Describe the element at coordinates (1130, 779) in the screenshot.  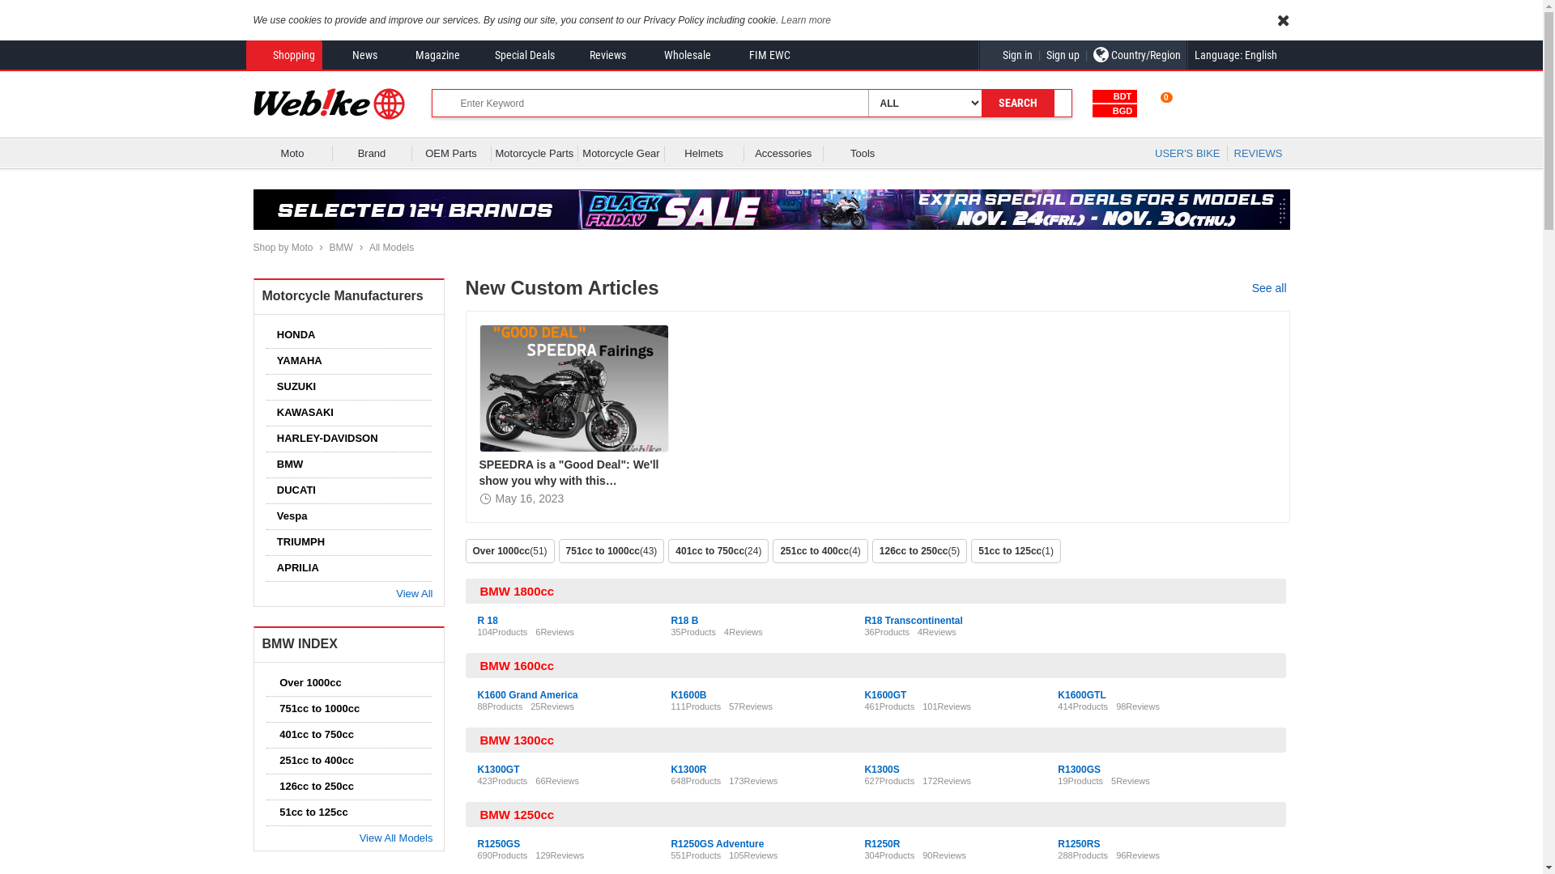
I see `'5Reviews'` at that location.